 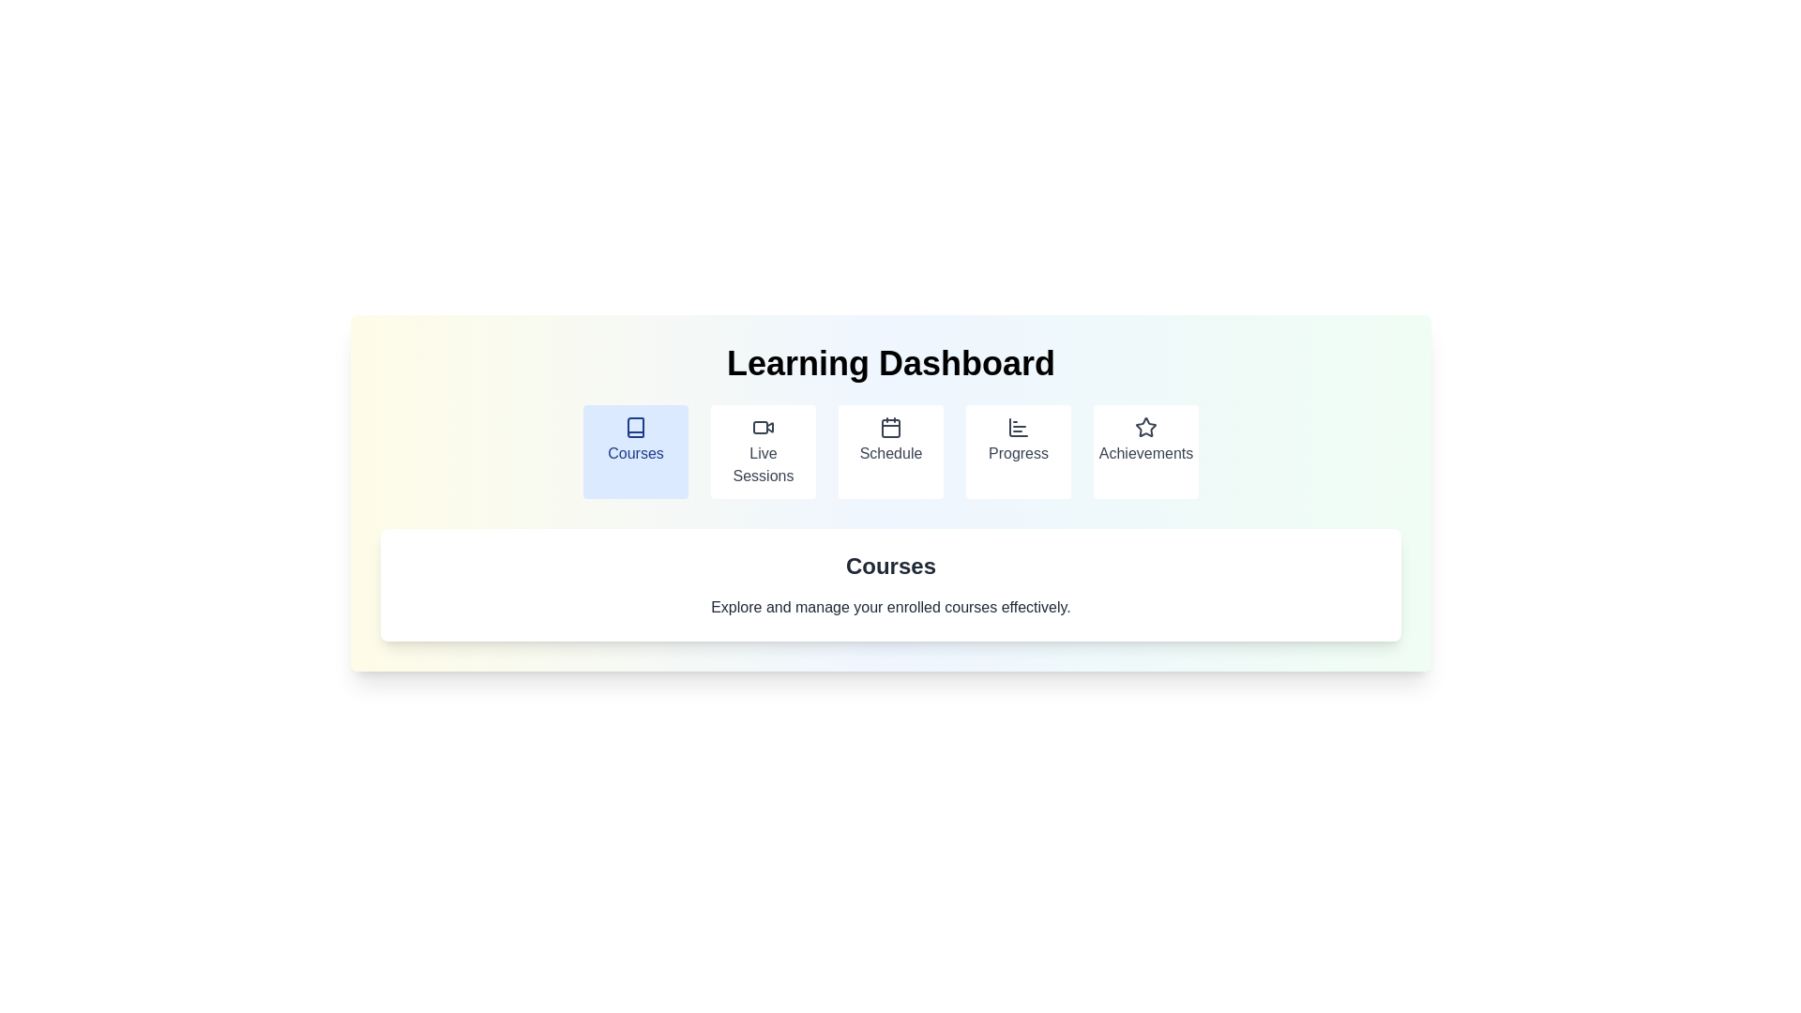 I want to click on the section title element that serves as a heading, positioned above the text 'Explore and manage your enrolled courses effectively.', so click(x=890, y=566).